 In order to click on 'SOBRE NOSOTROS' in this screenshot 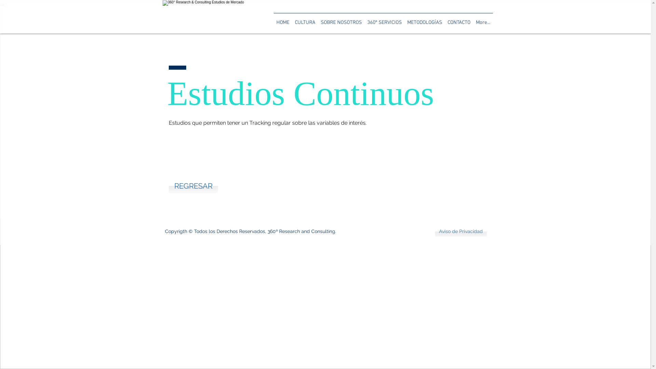, I will do `click(341, 19)`.